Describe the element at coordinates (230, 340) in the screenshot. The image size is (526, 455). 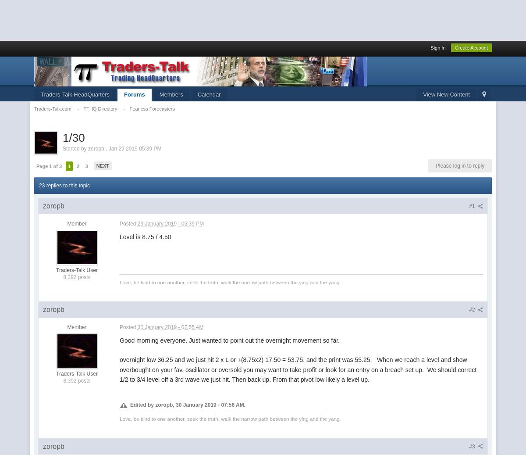
I see `'Good morning everyone. Just wanted to point out the overnight movement so far.'` at that location.